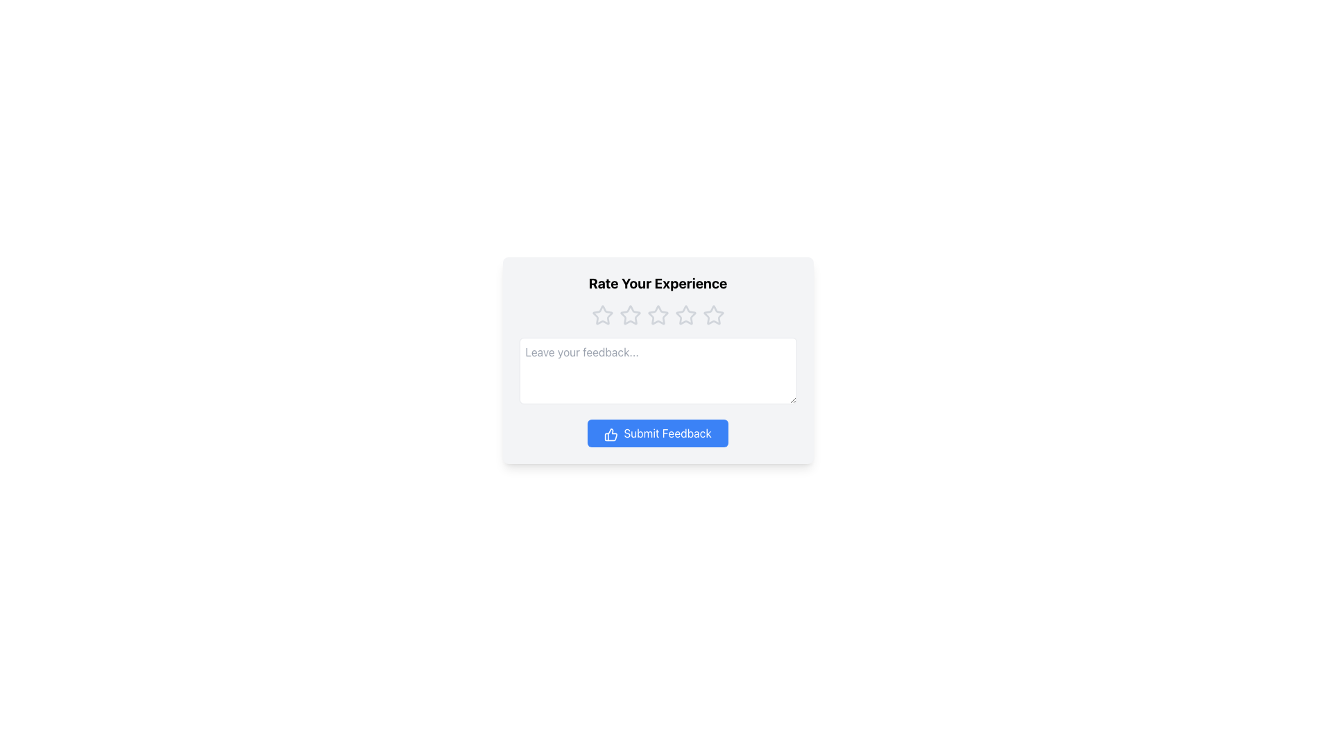  What do you see at coordinates (713, 316) in the screenshot?
I see `the fifth rating star in the row of five stars to set the maximum rating in the feedback form below the 'Rate Your Experience' heading` at bounding box center [713, 316].